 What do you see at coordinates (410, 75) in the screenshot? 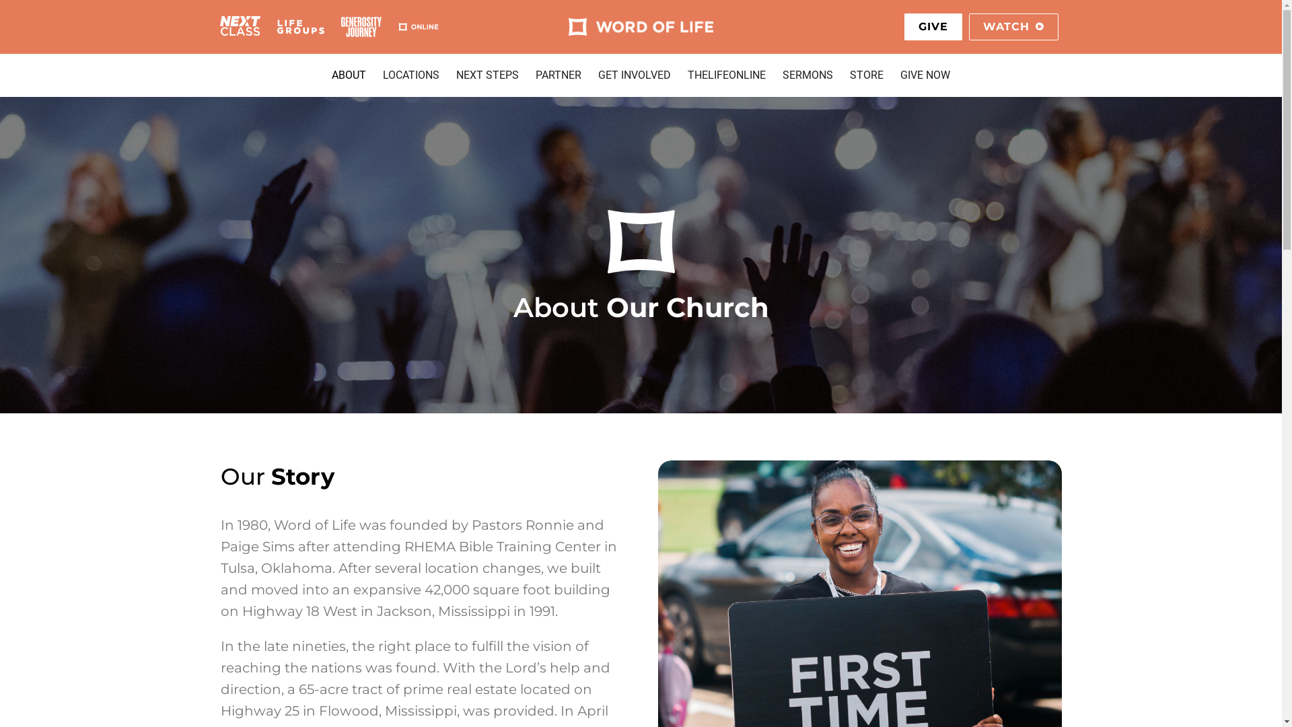
I see `'LOCATIONS'` at bounding box center [410, 75].